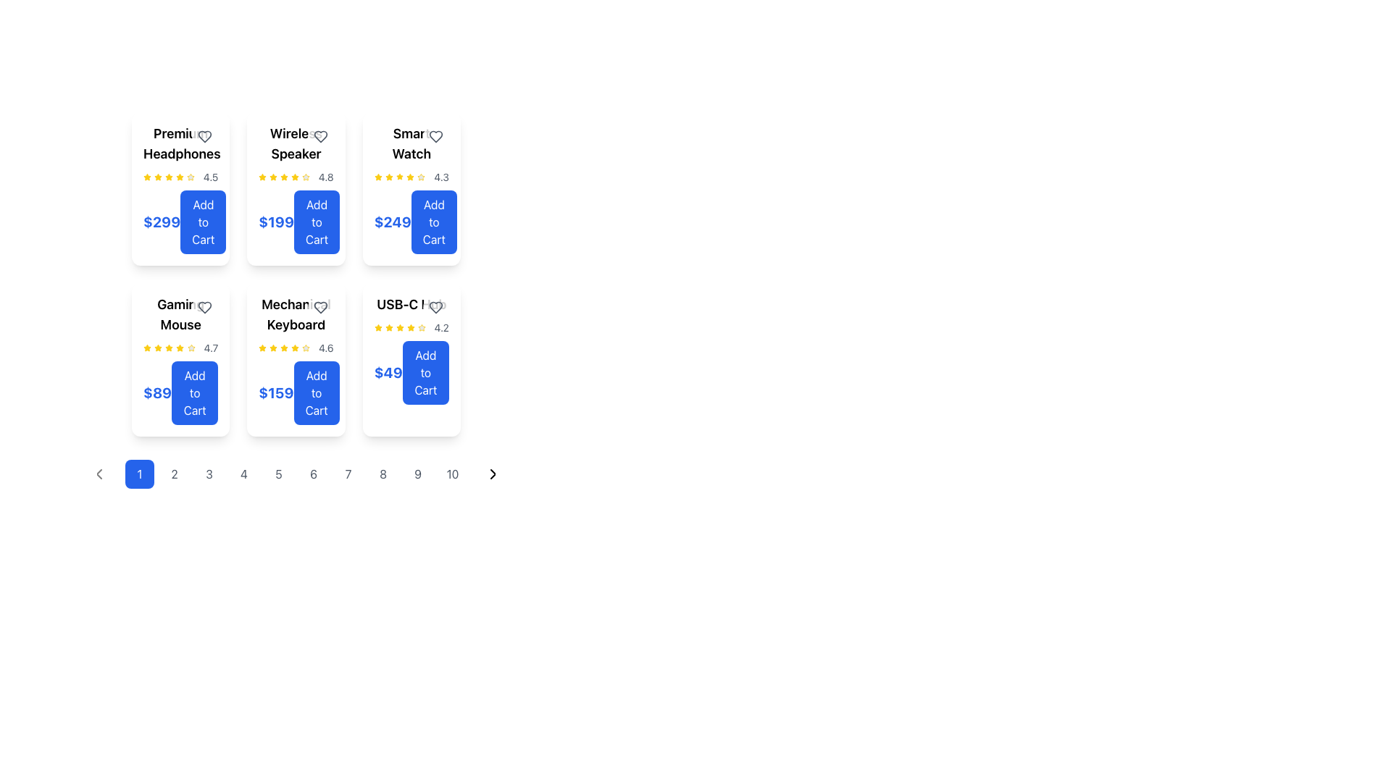 The width and height of the screenshot is (1391, 782). I want to click on the button in the product grid for 'Wireless Speaker', so click(316, 222).